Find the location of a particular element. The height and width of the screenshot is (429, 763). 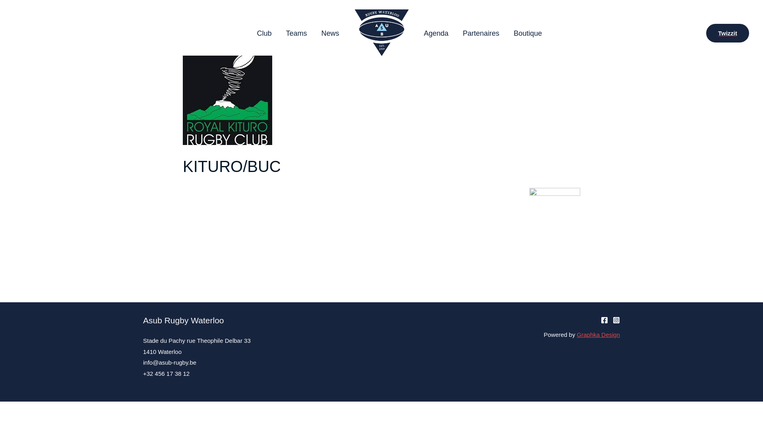

'Partenaires' is located at coordinates (480, 33).